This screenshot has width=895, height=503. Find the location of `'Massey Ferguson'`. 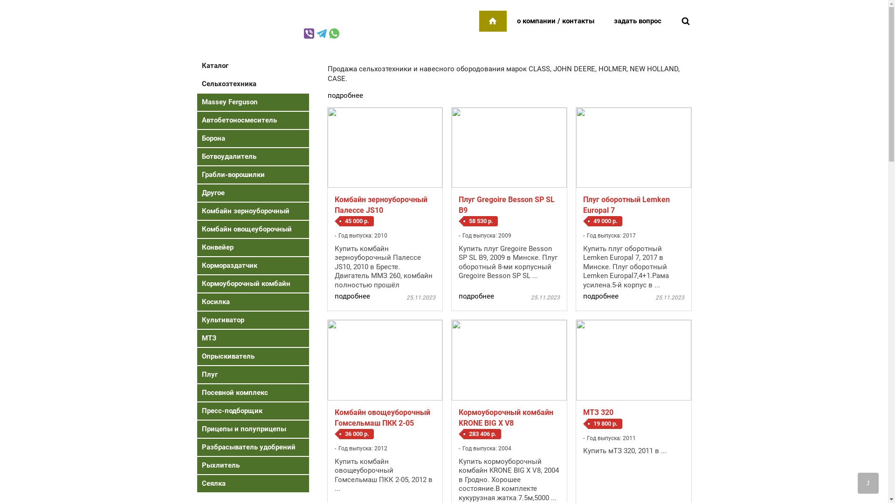

'Massey Ferguson' is located at coordinates (253, 102).